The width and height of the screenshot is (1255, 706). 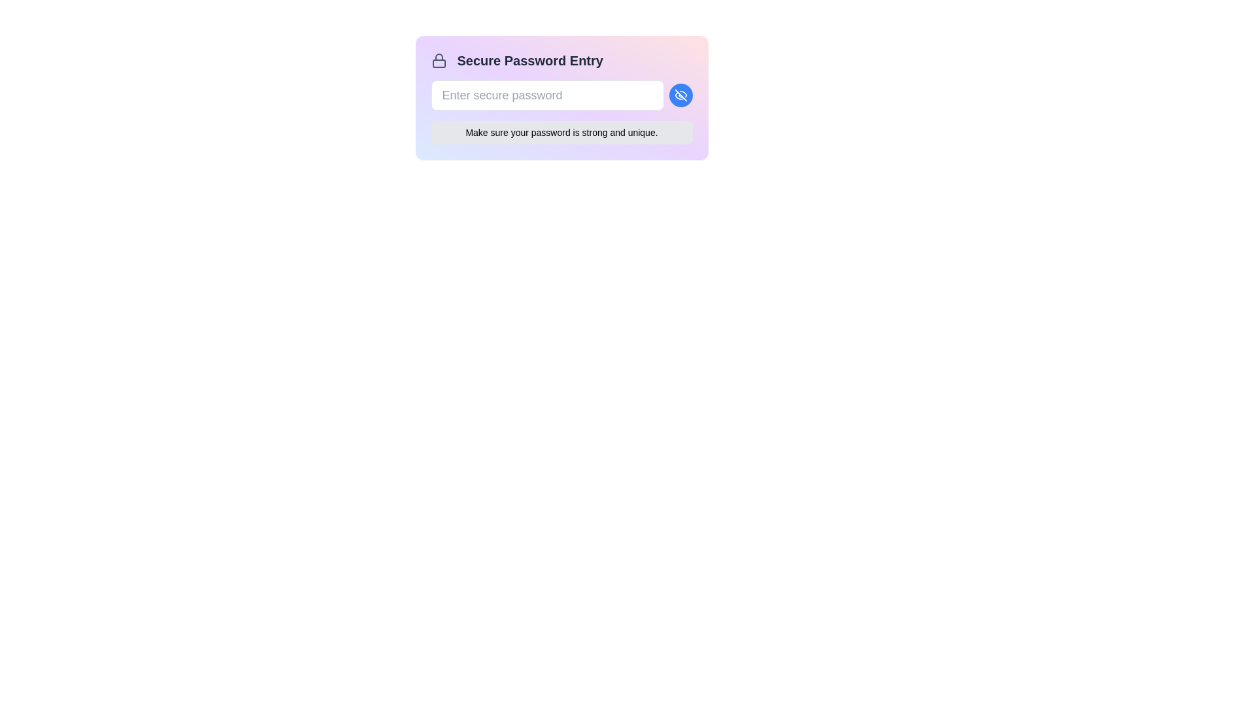 What do you see at coordinates (680, 95) in the screenshot?
I see `the 'eye-off' icon with a blue circular background located in the upper-right corner of the password input field` at bounding box center [680, 95].